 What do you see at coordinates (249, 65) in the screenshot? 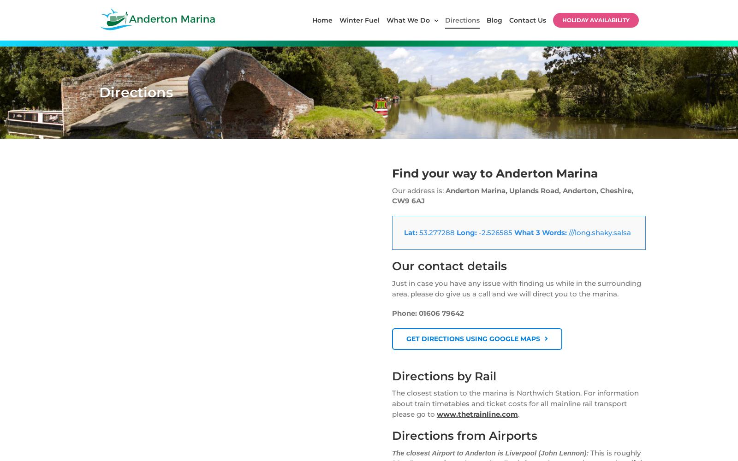
I see `'BOAT SALES'` at bounding box center [249, 65].